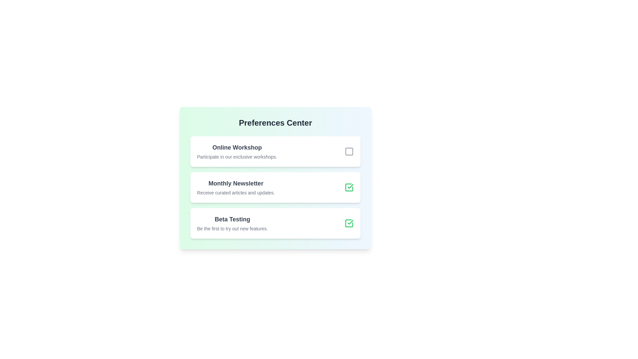 This screenshot has width=638, height=359. Describe the element at coordinates (350, 186) in the screenshot. I see `the checkmark icon representing the selected 'Beta Testing' option in the Preferences Center` at that location.